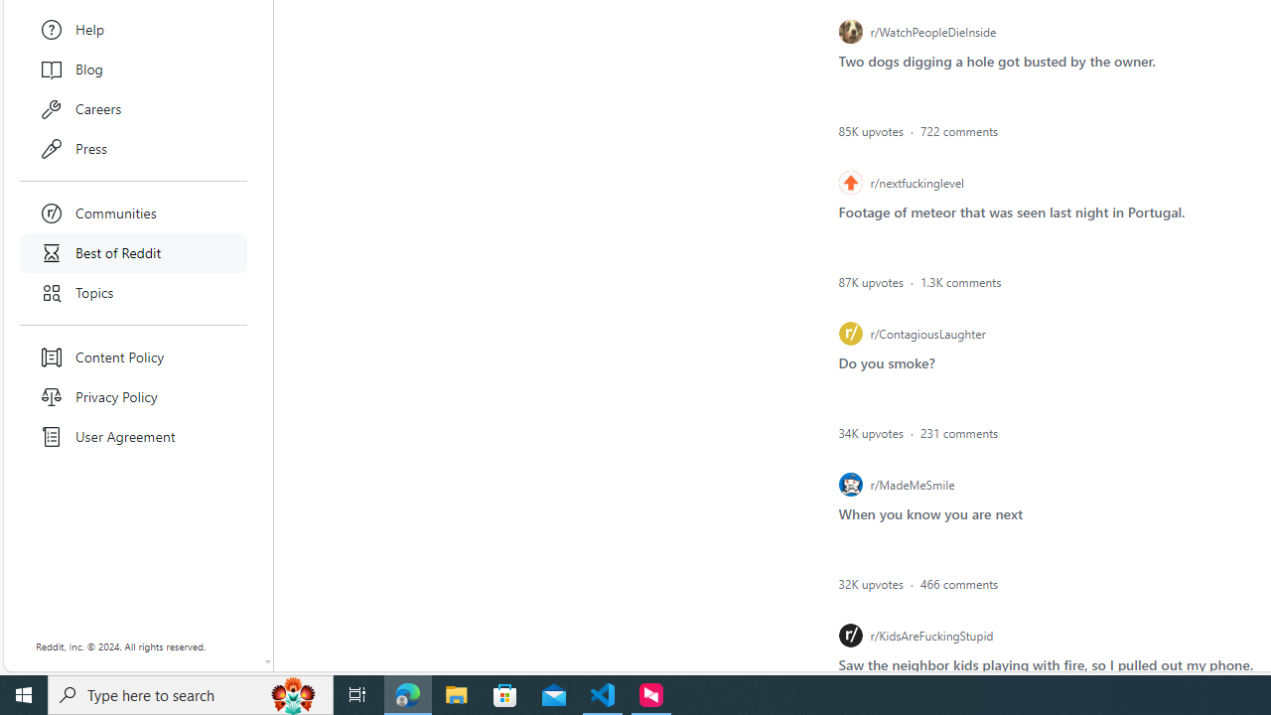 The width and height of the screenshot is (1271, 715). I want to click on 'Communities', so click(133, 213).